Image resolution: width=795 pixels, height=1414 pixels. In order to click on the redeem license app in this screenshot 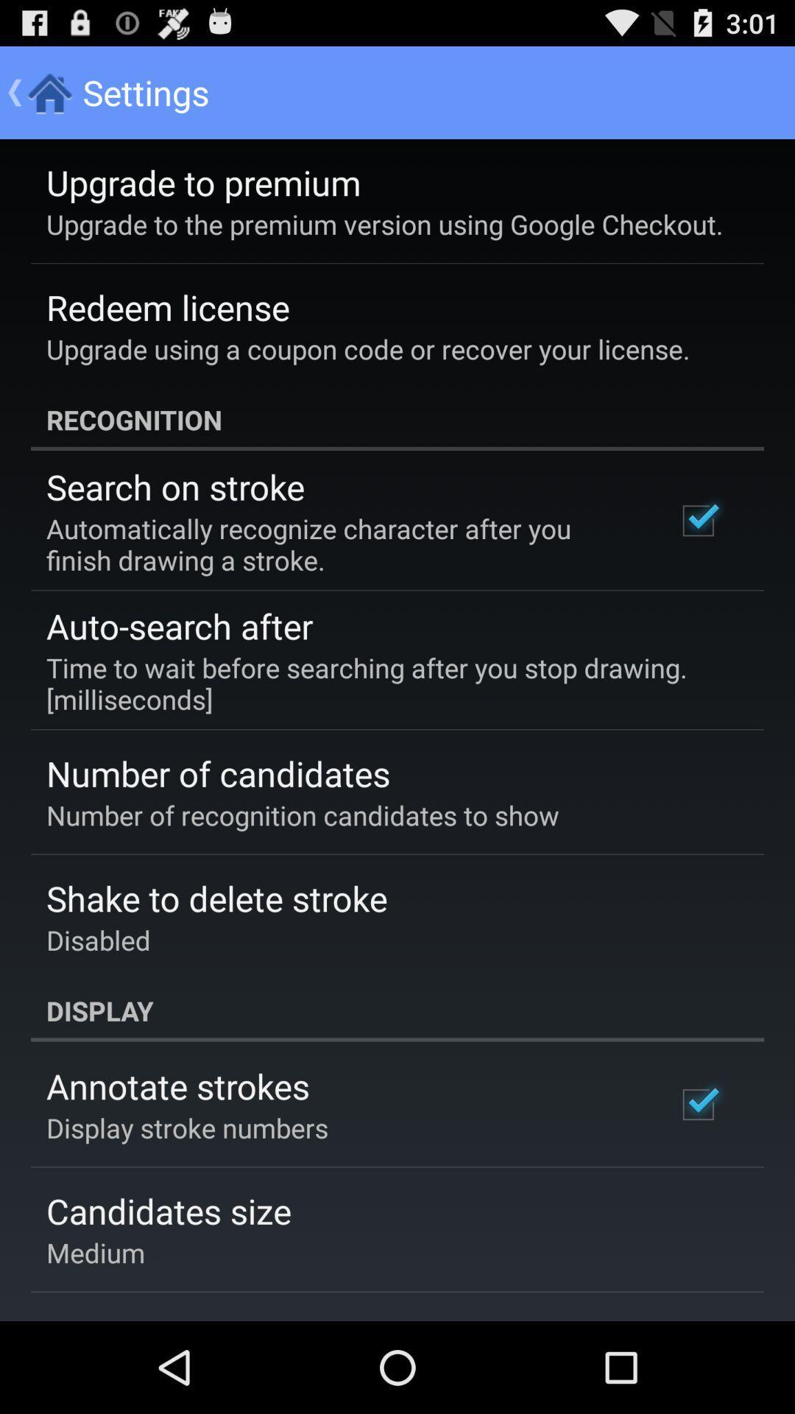, I will do `click(167, 306)`.